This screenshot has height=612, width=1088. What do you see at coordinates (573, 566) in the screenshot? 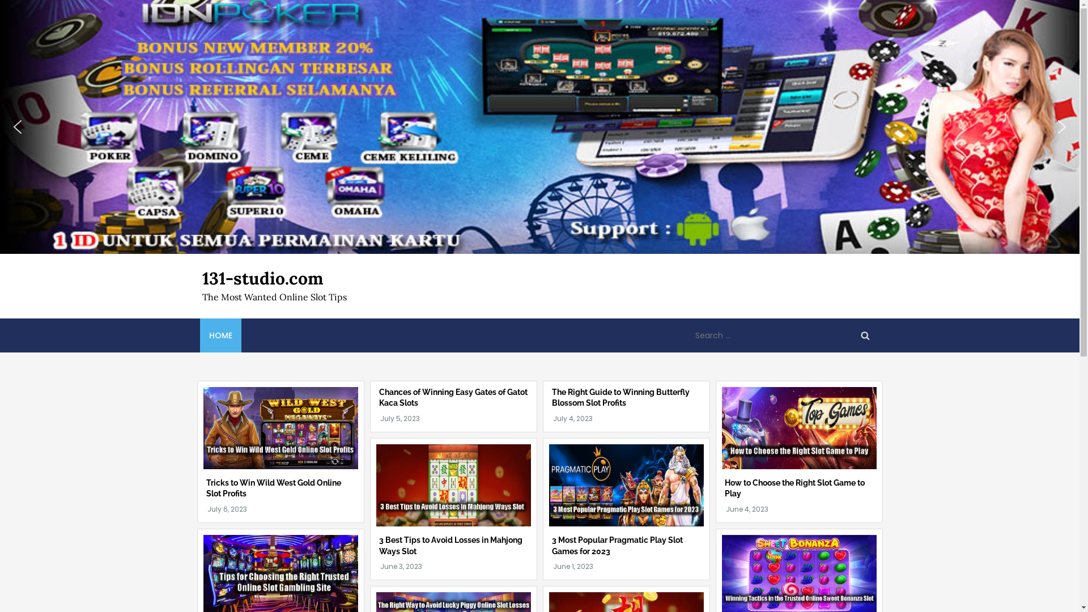
I see `'June 1, 2023'` at bounding box center [573, 566].